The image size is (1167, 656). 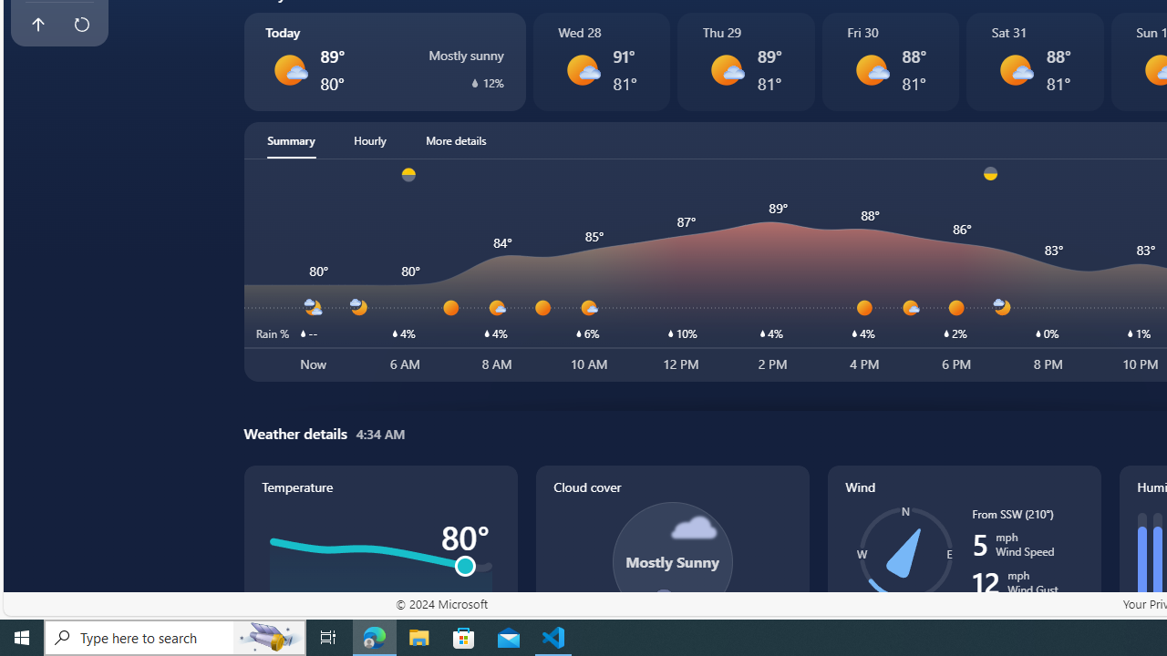 I want to click on 'More details', so click(x=456, y=139).